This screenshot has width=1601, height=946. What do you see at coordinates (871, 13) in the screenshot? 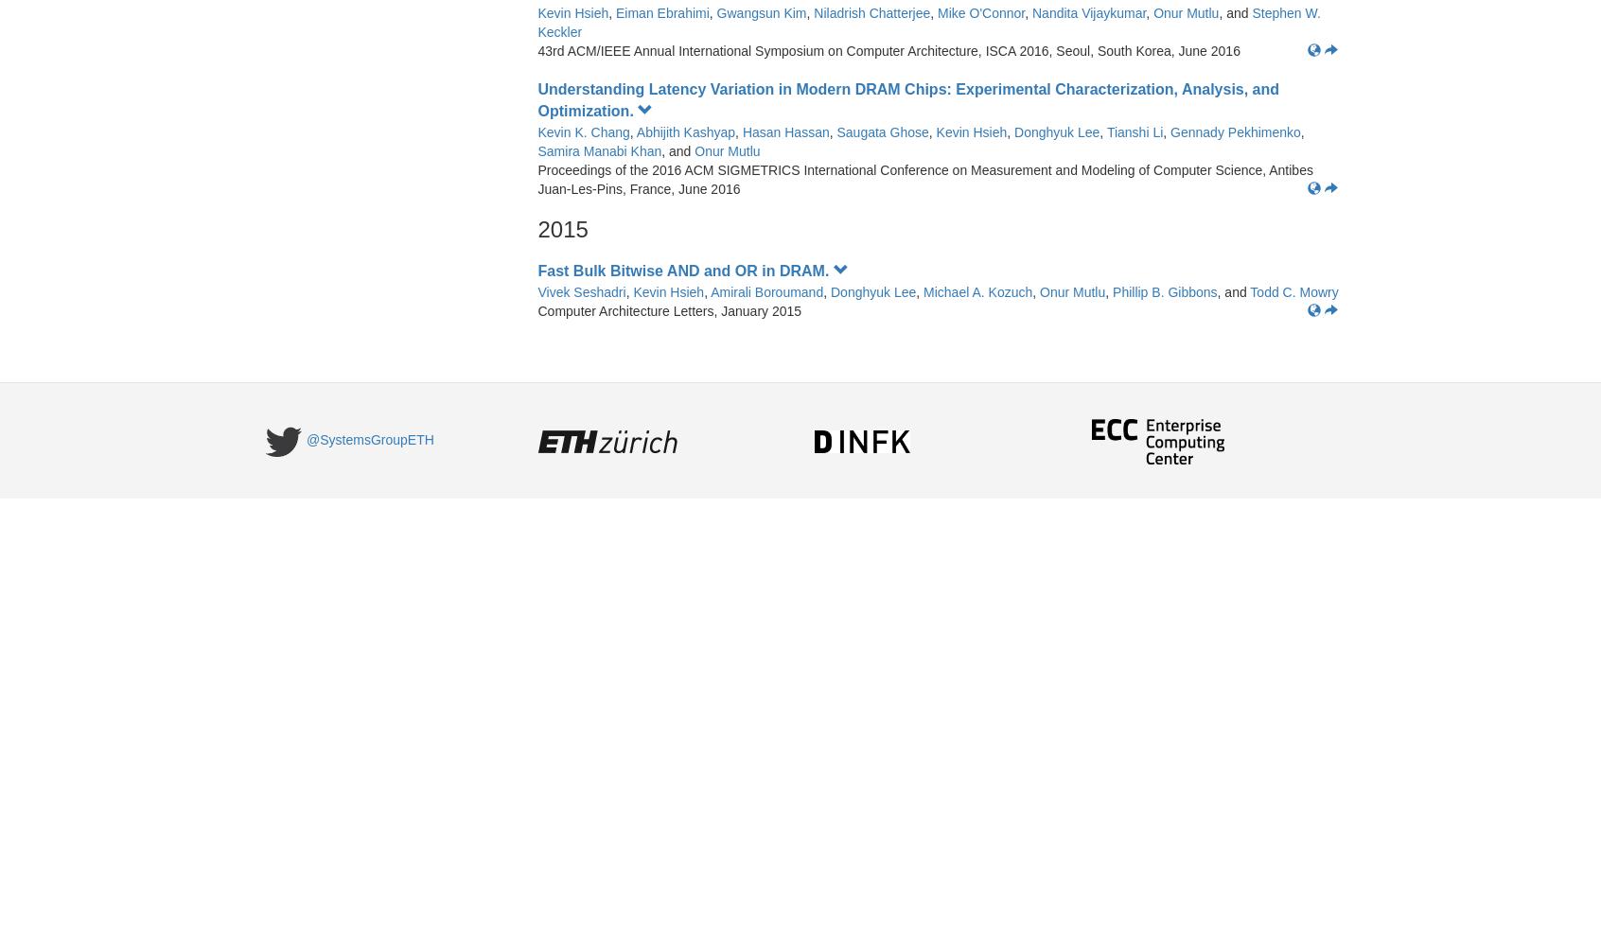
I see `'Niladrish Chatterjee'` at bounding box center [871, 13].